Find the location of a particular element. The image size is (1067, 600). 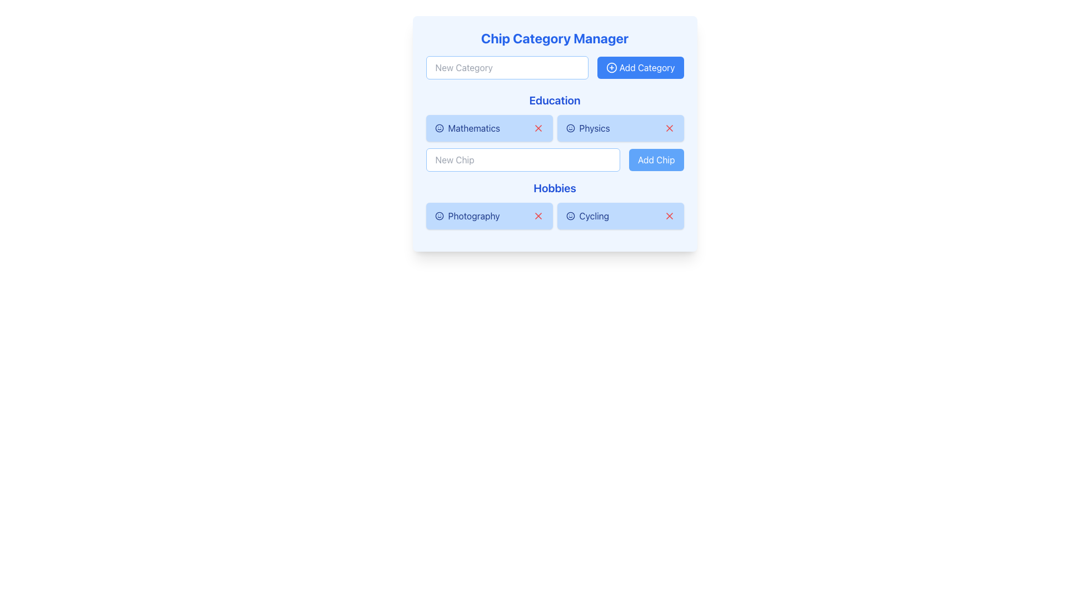

the delete button located on the far right of the 'Mathematics' chip is located at coordinates (538, 128).